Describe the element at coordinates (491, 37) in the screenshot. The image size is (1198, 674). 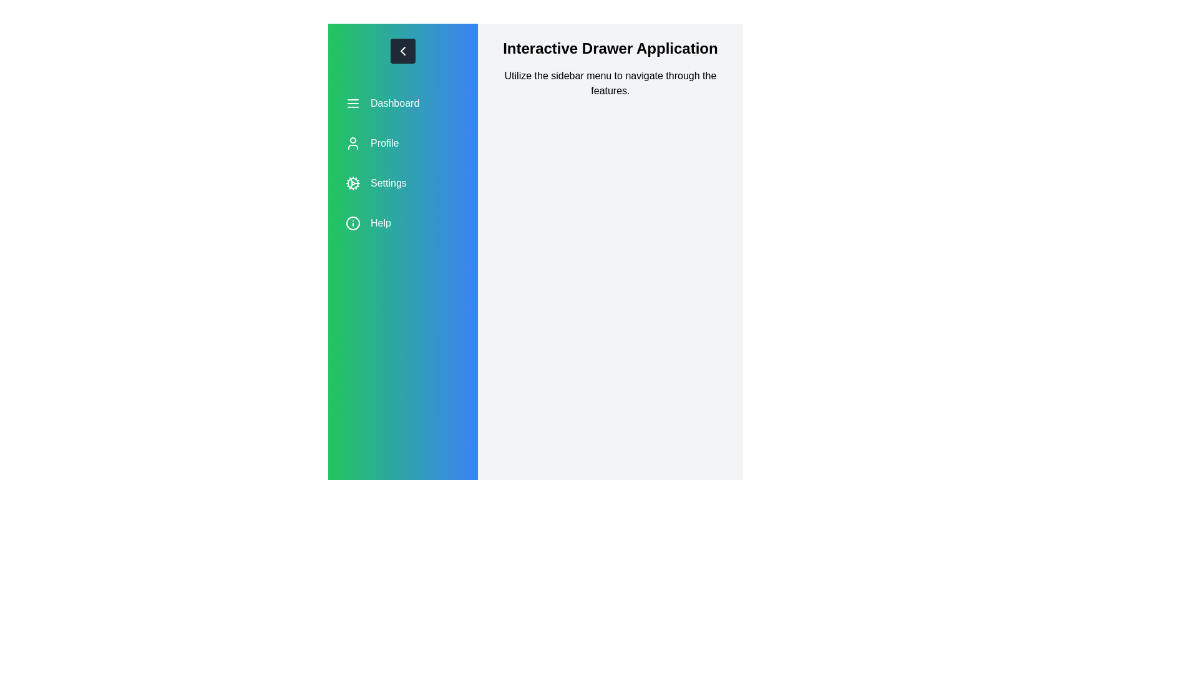
I see `the main content text by selecting it` at that location.